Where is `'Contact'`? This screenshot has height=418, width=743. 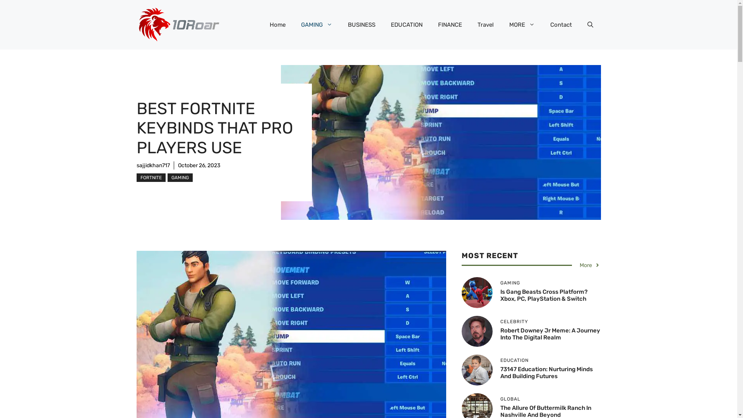 'Contact' is located at coordinates (561, 24).